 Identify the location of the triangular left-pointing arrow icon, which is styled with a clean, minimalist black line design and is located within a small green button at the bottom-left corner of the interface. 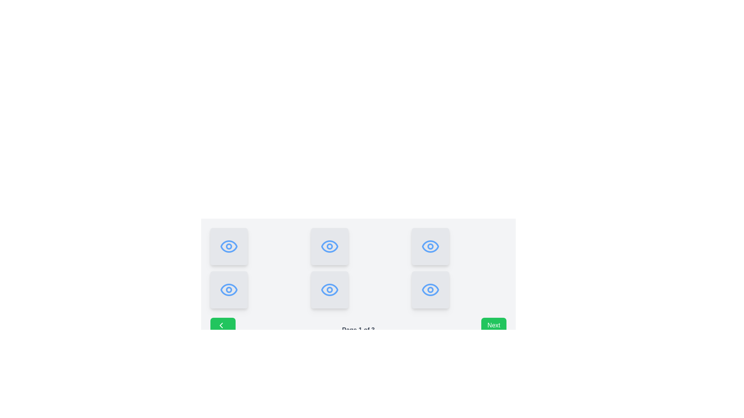
(221, 325).